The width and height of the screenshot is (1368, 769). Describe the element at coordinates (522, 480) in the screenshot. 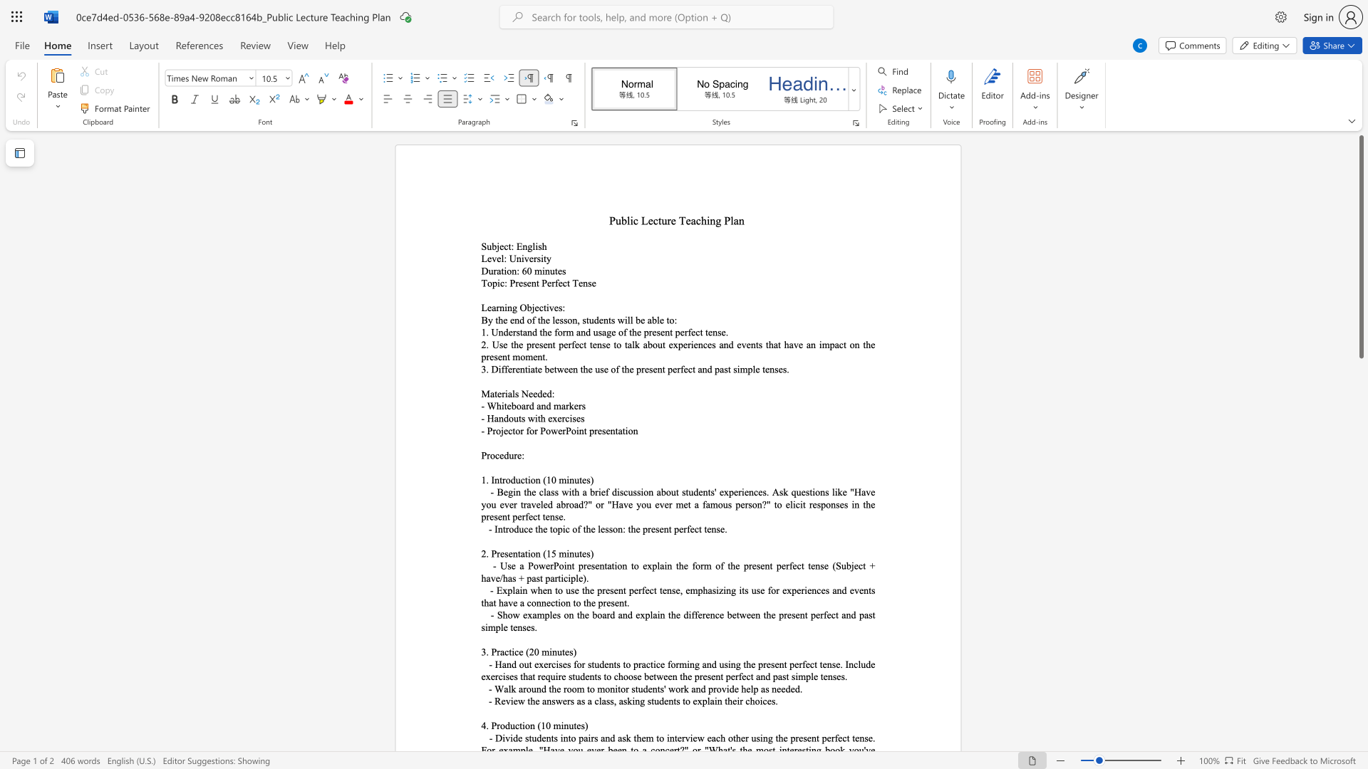

I see `the 1th character "c" in the text` at that location.